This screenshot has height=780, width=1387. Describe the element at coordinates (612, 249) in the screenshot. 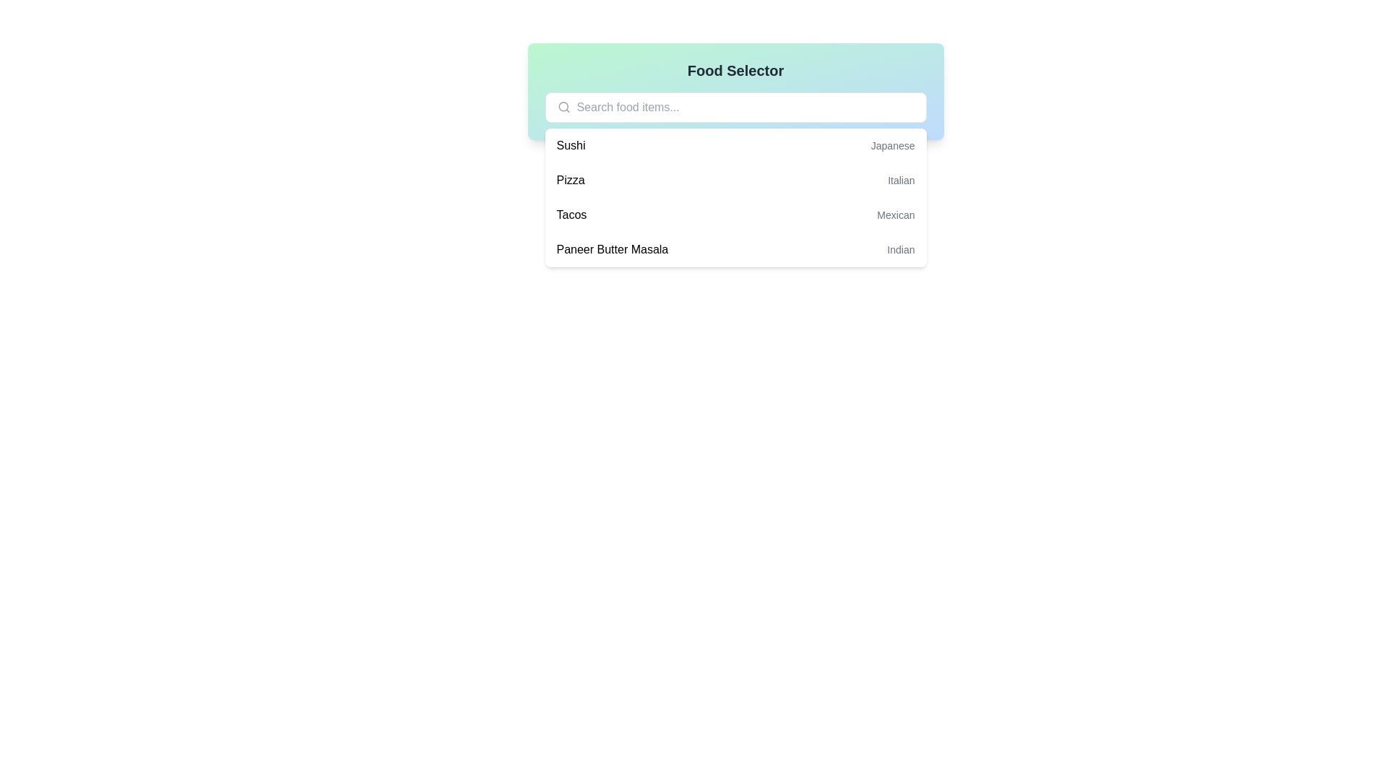

I see `the text 'Paneer Butter Masala'` at that location.